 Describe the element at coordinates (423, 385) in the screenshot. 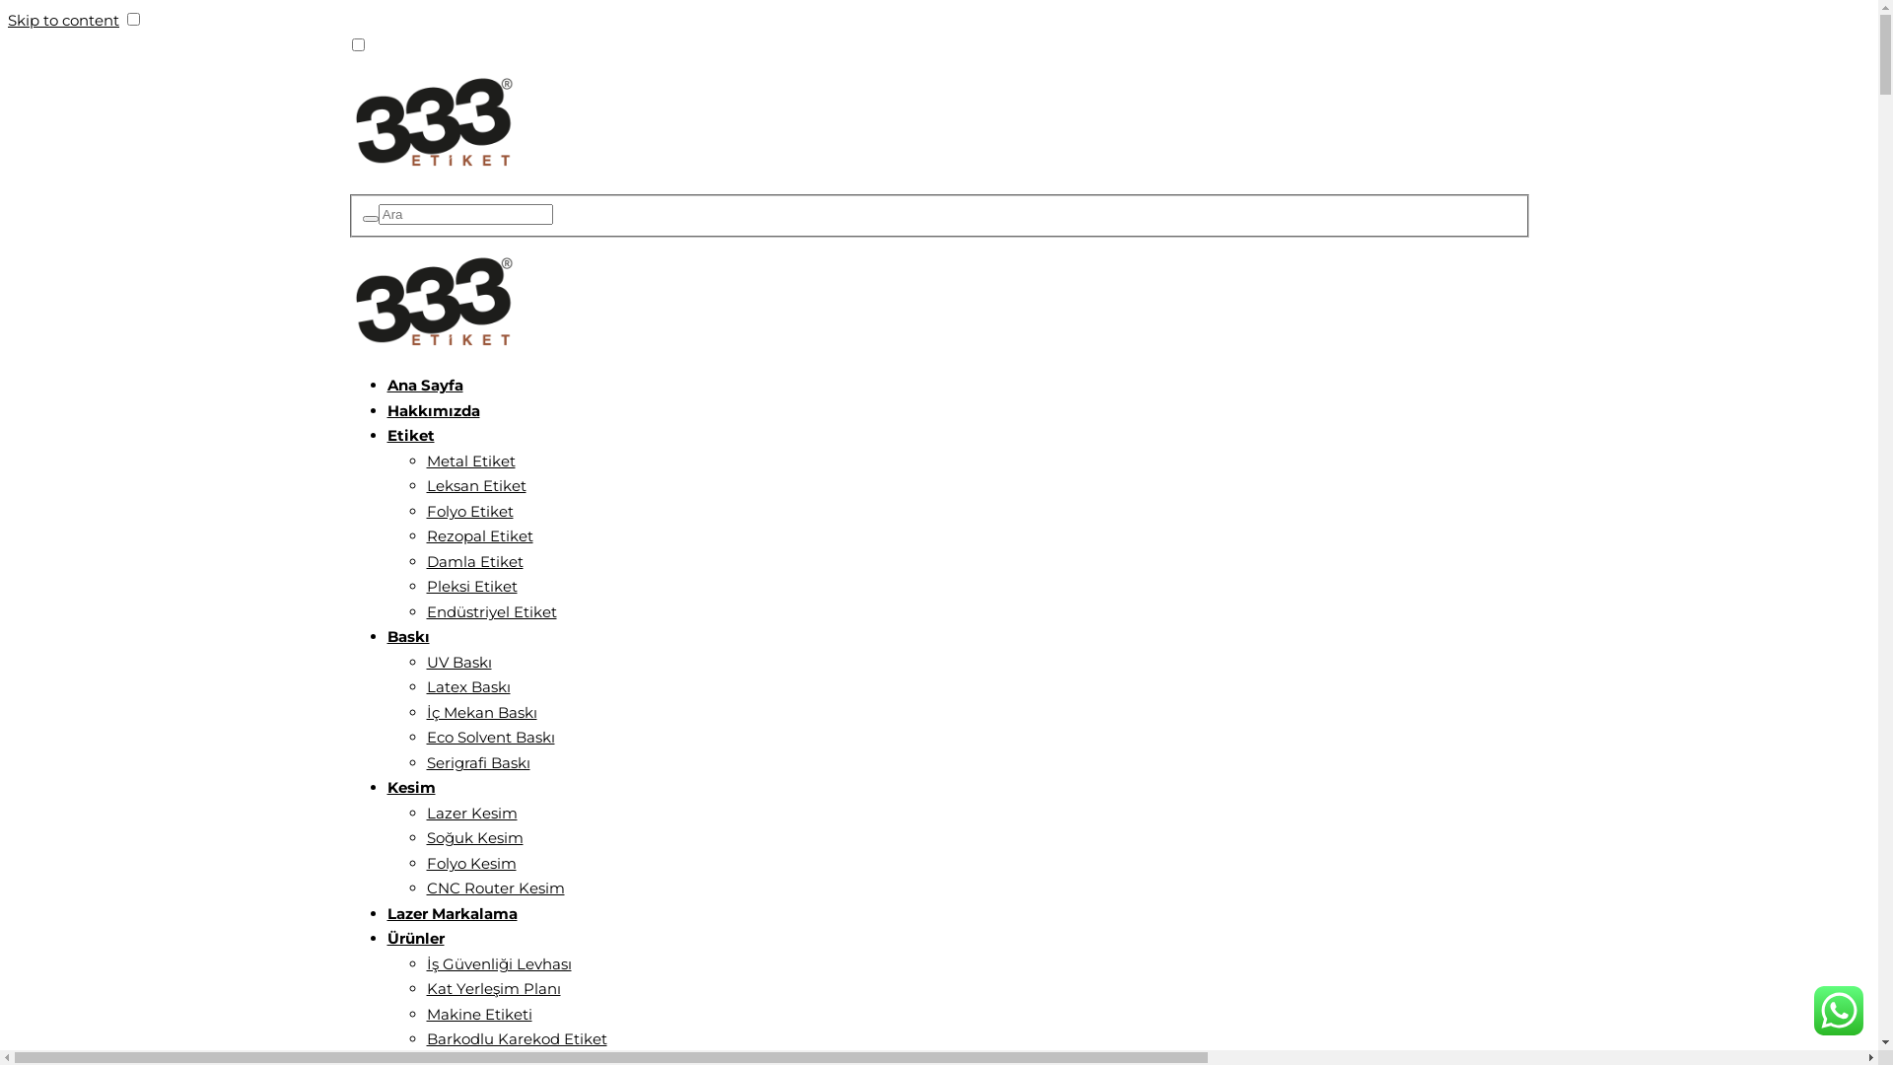

I see `'Ana Sayfa'` at that location.